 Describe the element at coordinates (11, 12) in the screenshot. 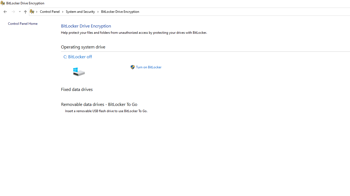

I see `'Navigation buttons'` at that location.